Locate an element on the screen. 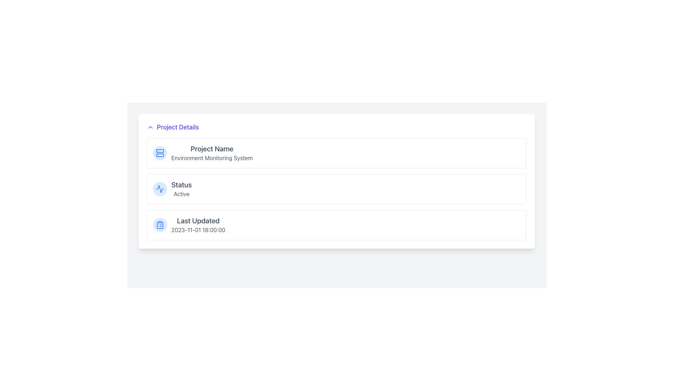 The width and height of the screenshot is (677, 381). the Informational Panel that displays the last update's date and time, located at the bottom of the section containing 'Project Name' and 'Status' is located at coordinates (336, 225).